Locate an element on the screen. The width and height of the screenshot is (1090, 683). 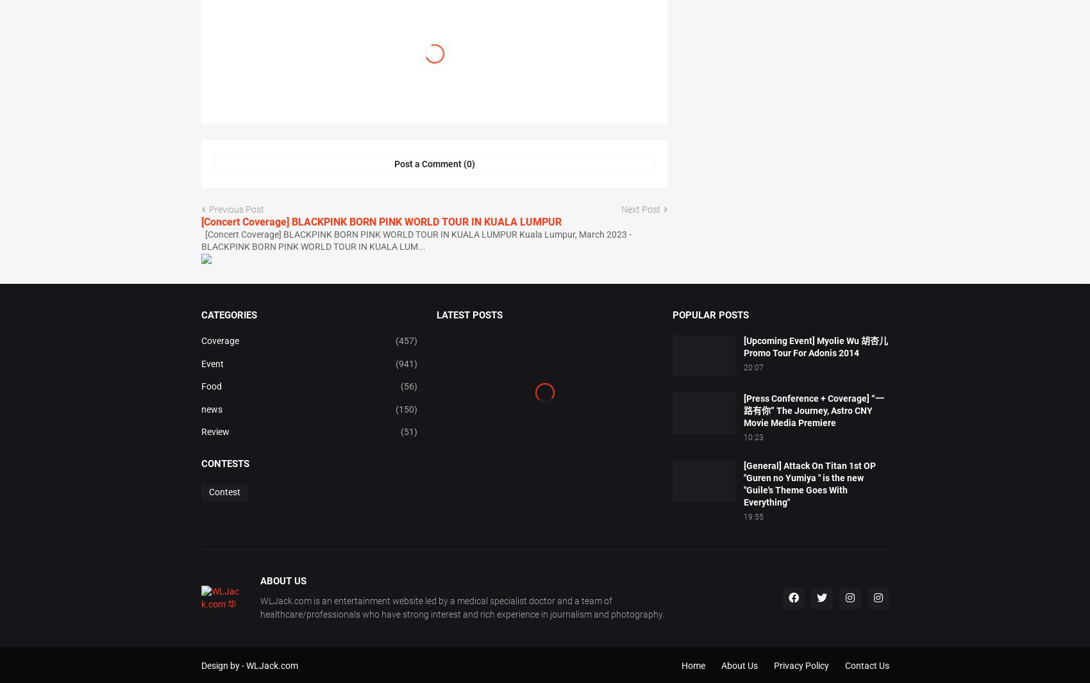
'Latest Posts' is located at coordinates (437, 359).